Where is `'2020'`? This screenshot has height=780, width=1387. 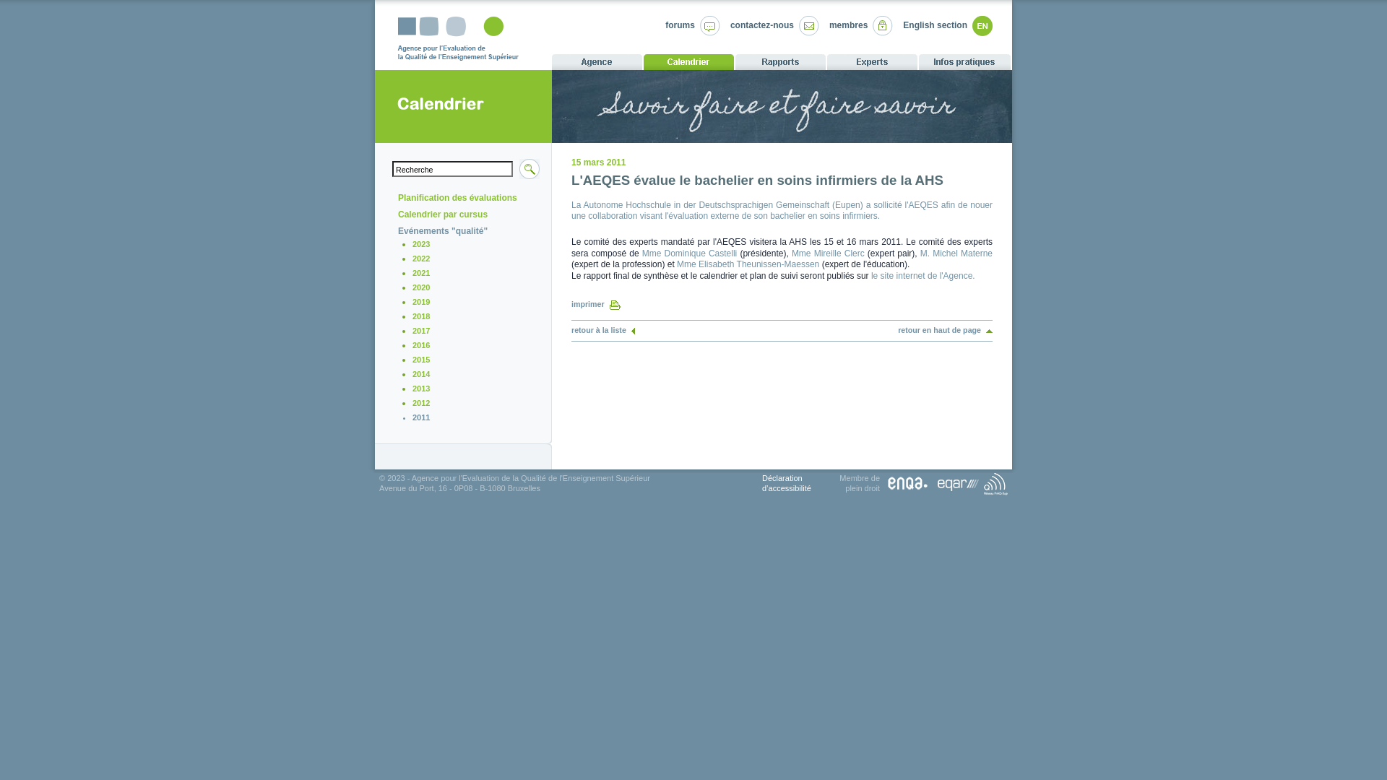 '2020' is located at coordinates (412, 287).